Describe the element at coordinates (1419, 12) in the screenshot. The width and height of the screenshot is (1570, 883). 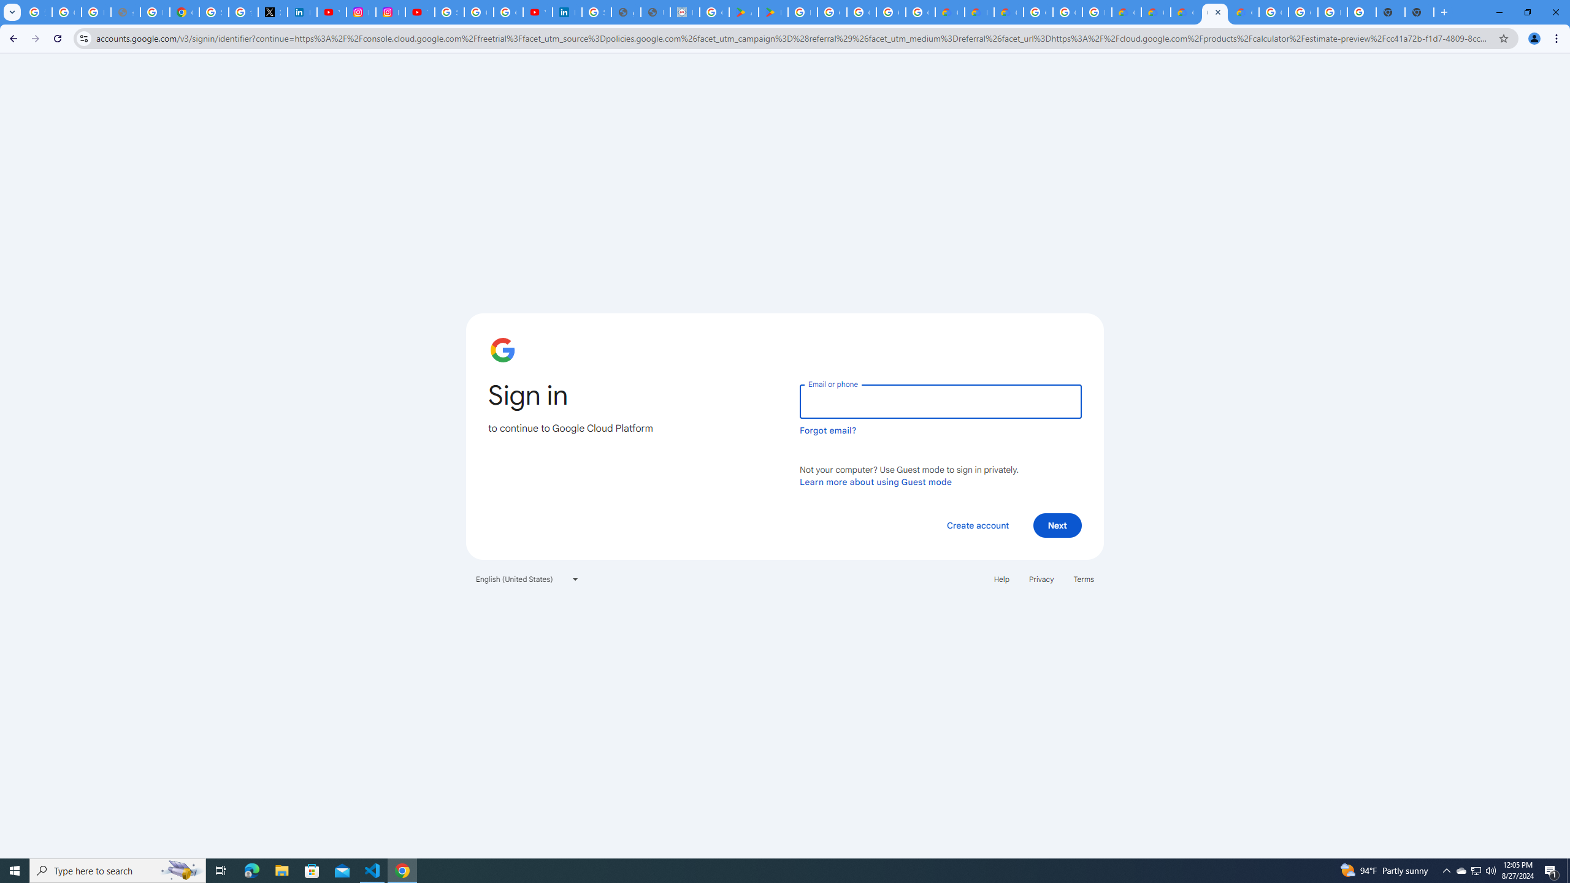
I see `'New Tab'` at that location.